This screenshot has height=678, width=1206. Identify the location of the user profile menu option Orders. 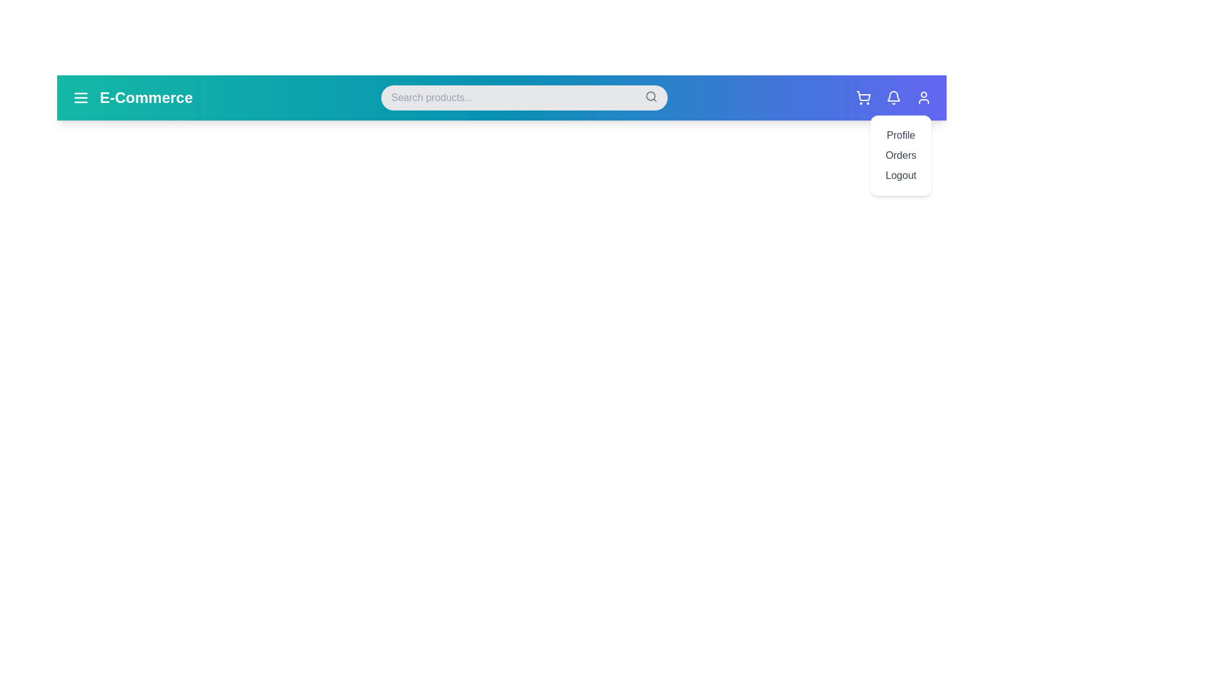
(900, 154).